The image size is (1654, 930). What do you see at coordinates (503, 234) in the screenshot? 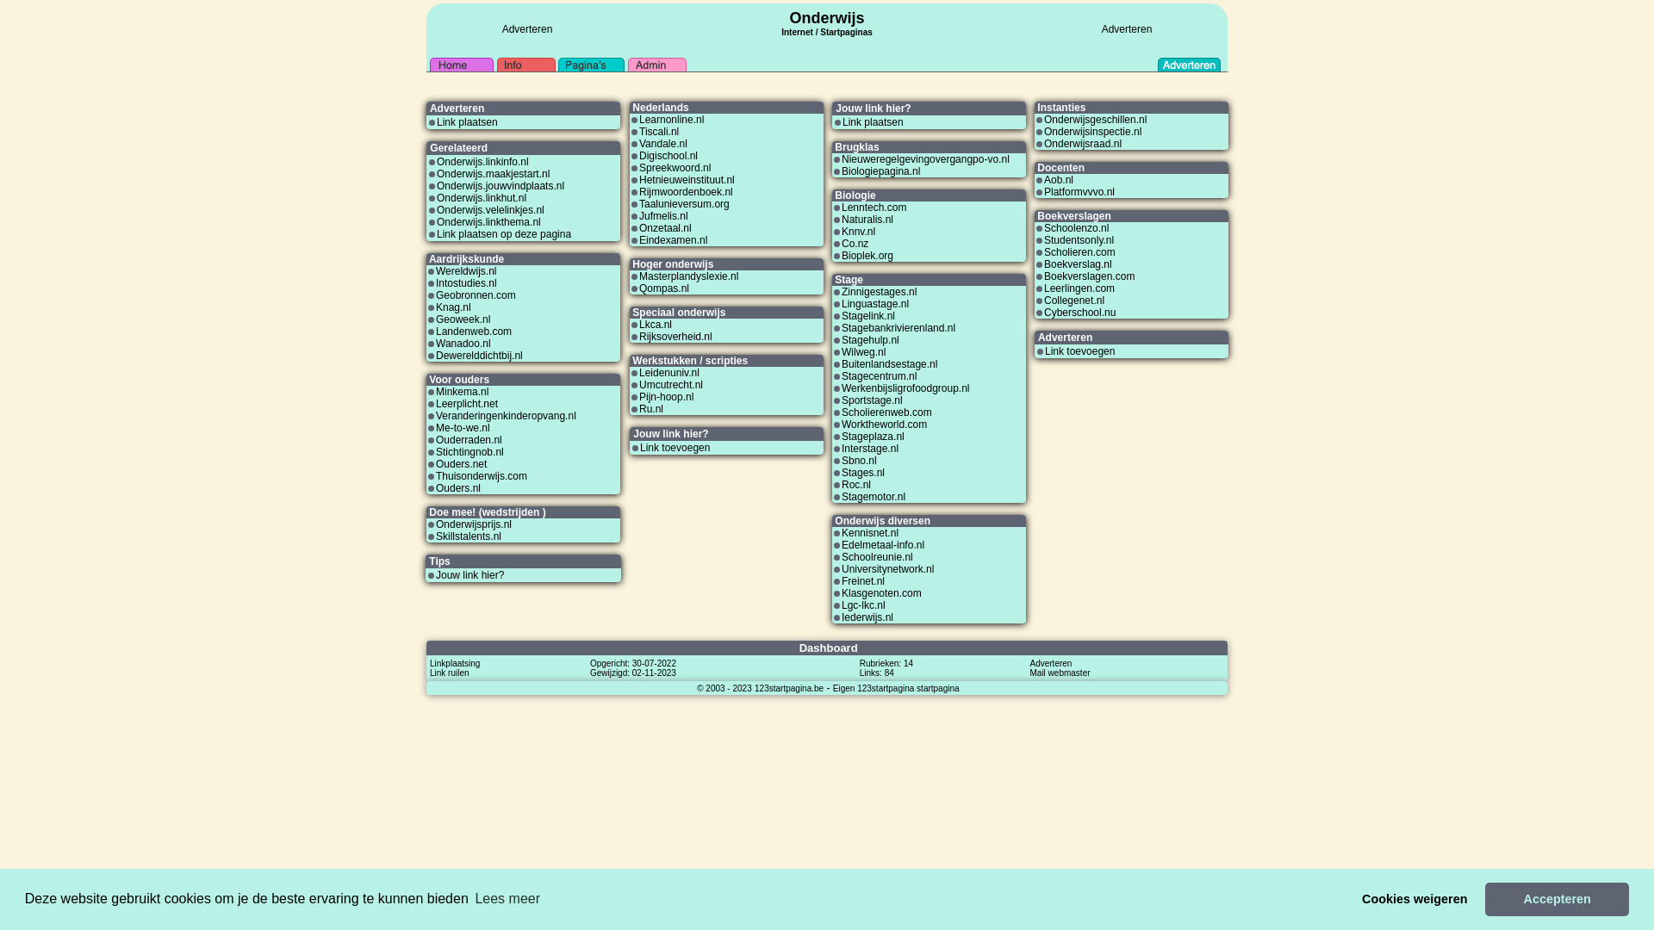
I see `'Link plaatsen op deze pagina'` at bounding box center [503, 234].